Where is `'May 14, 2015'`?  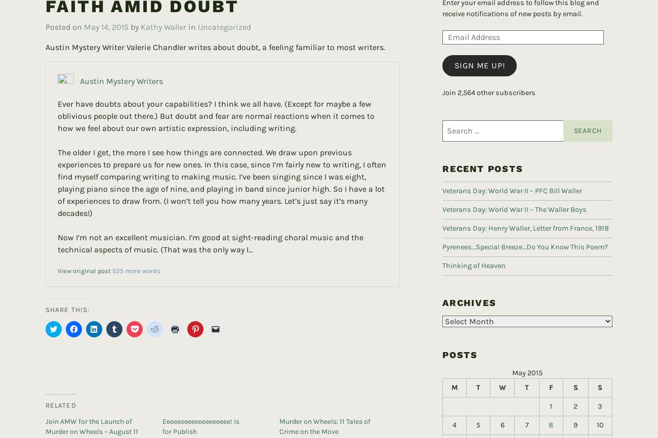 'May 14, 2015' is located at coordinates (84, 11).